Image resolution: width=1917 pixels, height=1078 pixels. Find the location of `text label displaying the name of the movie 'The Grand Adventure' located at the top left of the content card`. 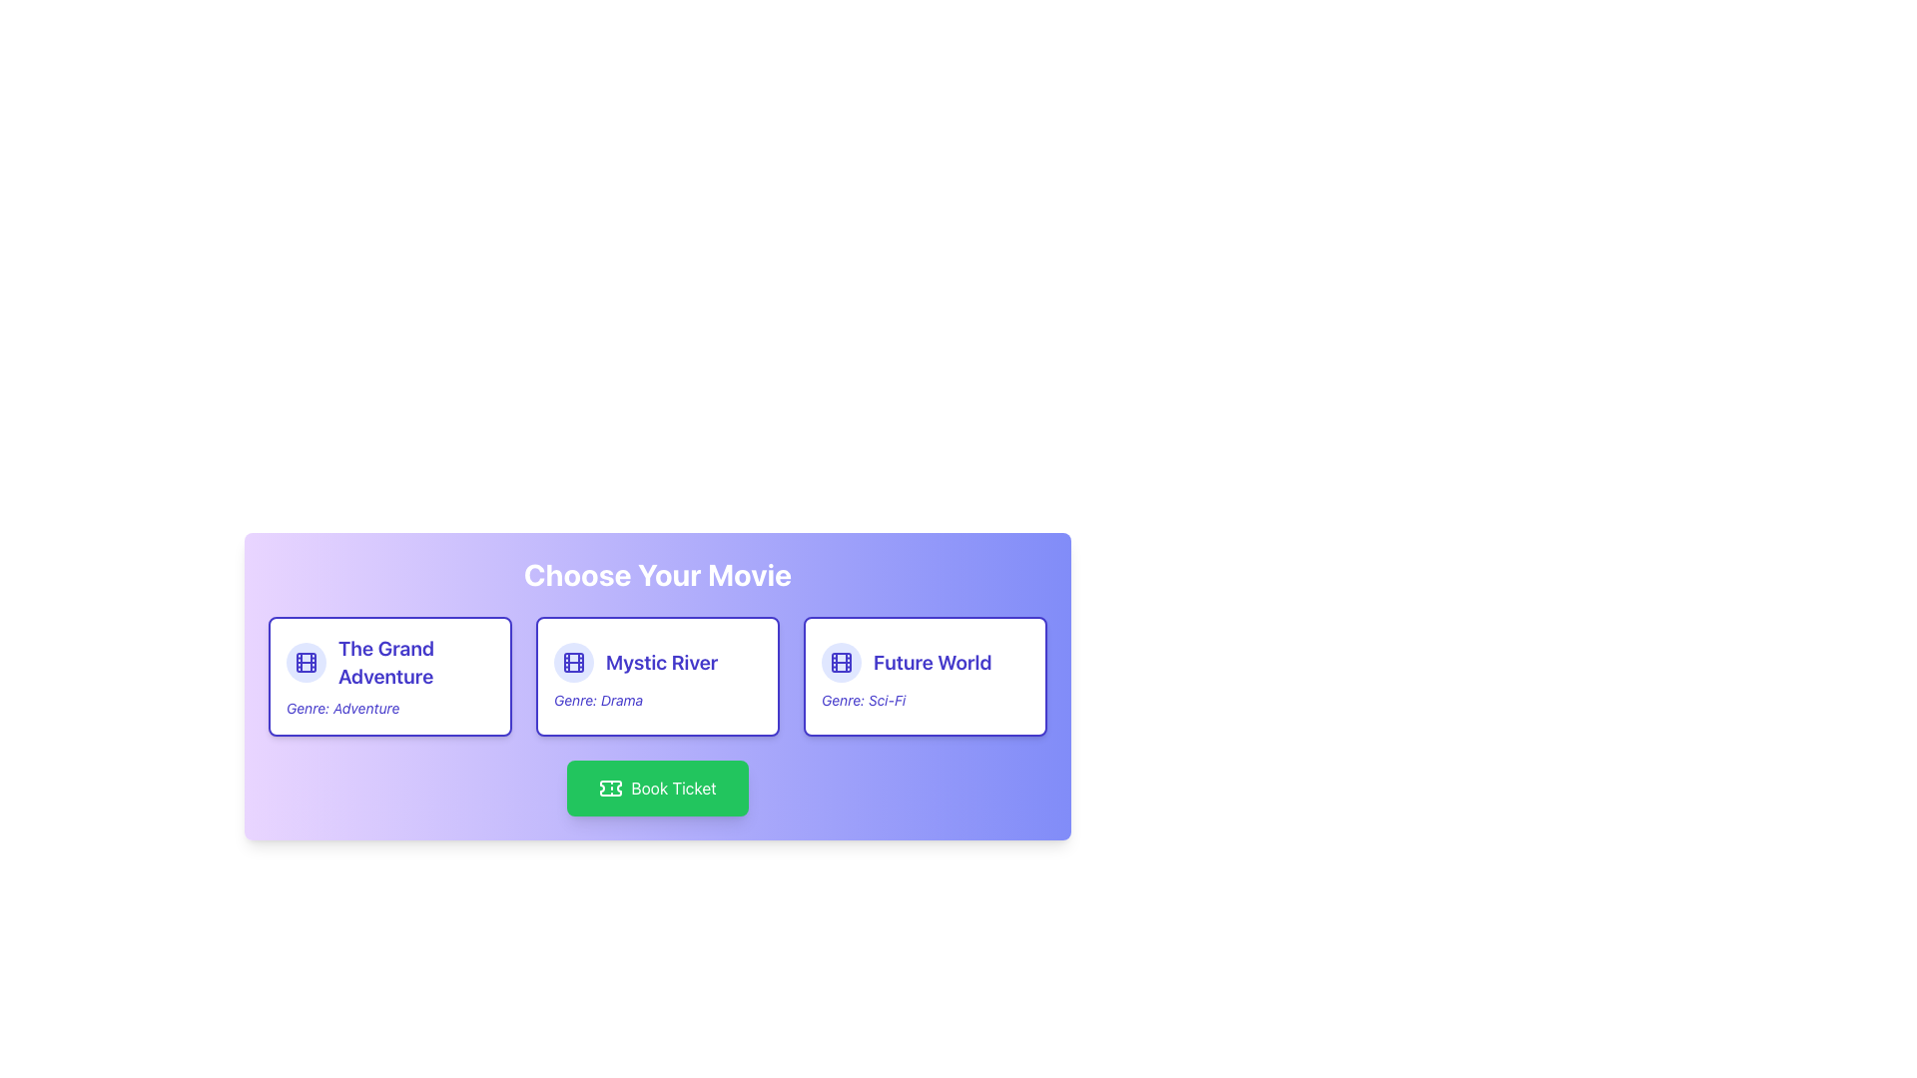

text label displaying the name of the movie 'The Grand Adventure' located at the top left of the content card is located at coordinates (389, 662).